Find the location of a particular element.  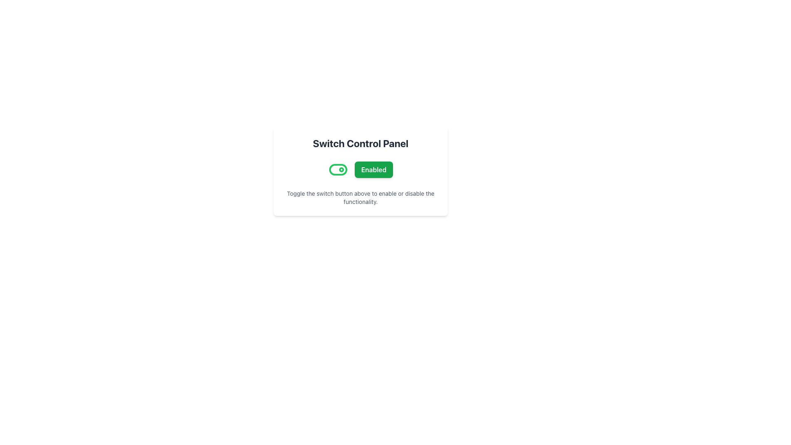

the green rectangular button labeled 'Enabled' to observe its hover effect is located at coordinates (373, 169).